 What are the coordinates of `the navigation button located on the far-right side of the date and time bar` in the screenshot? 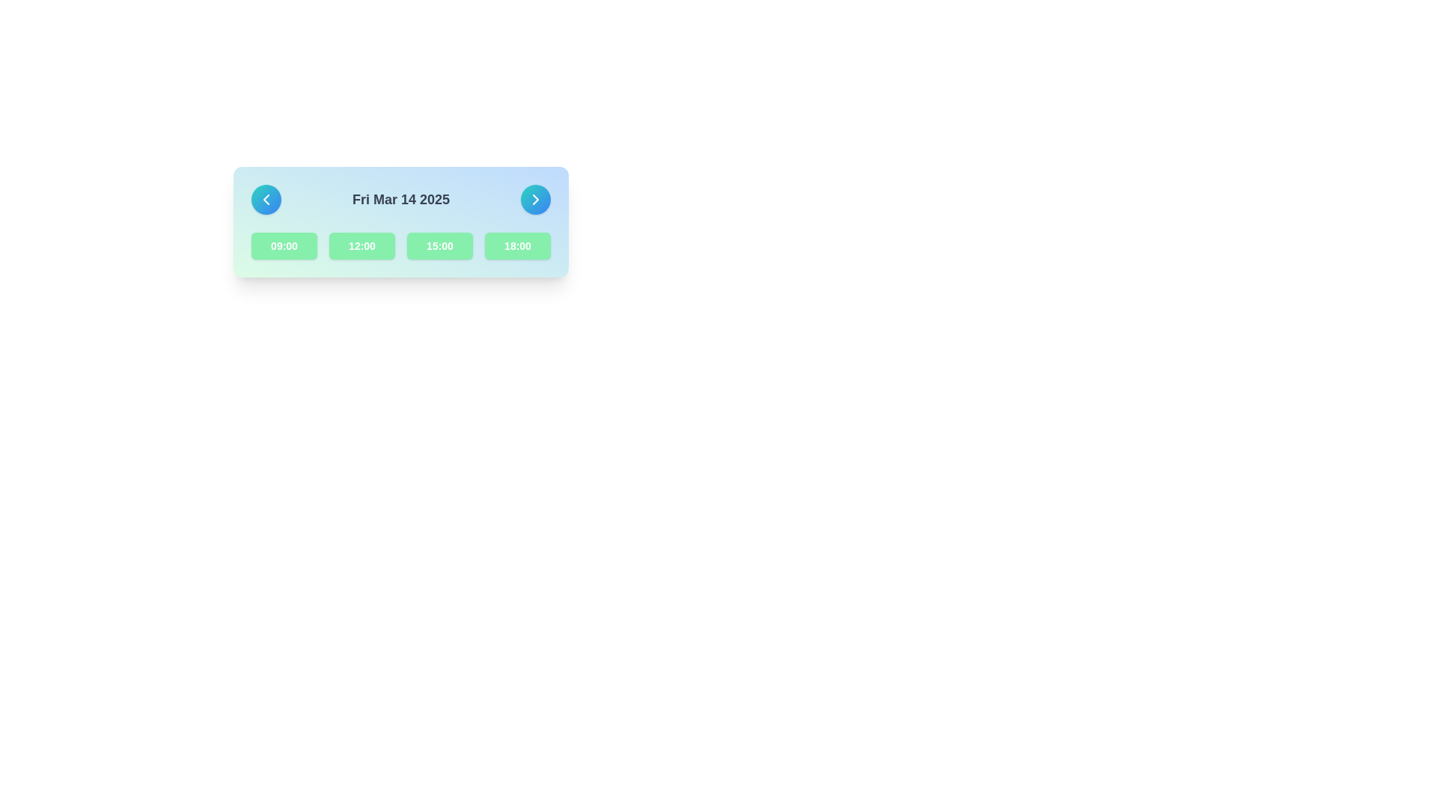 It's located at (535, 198).